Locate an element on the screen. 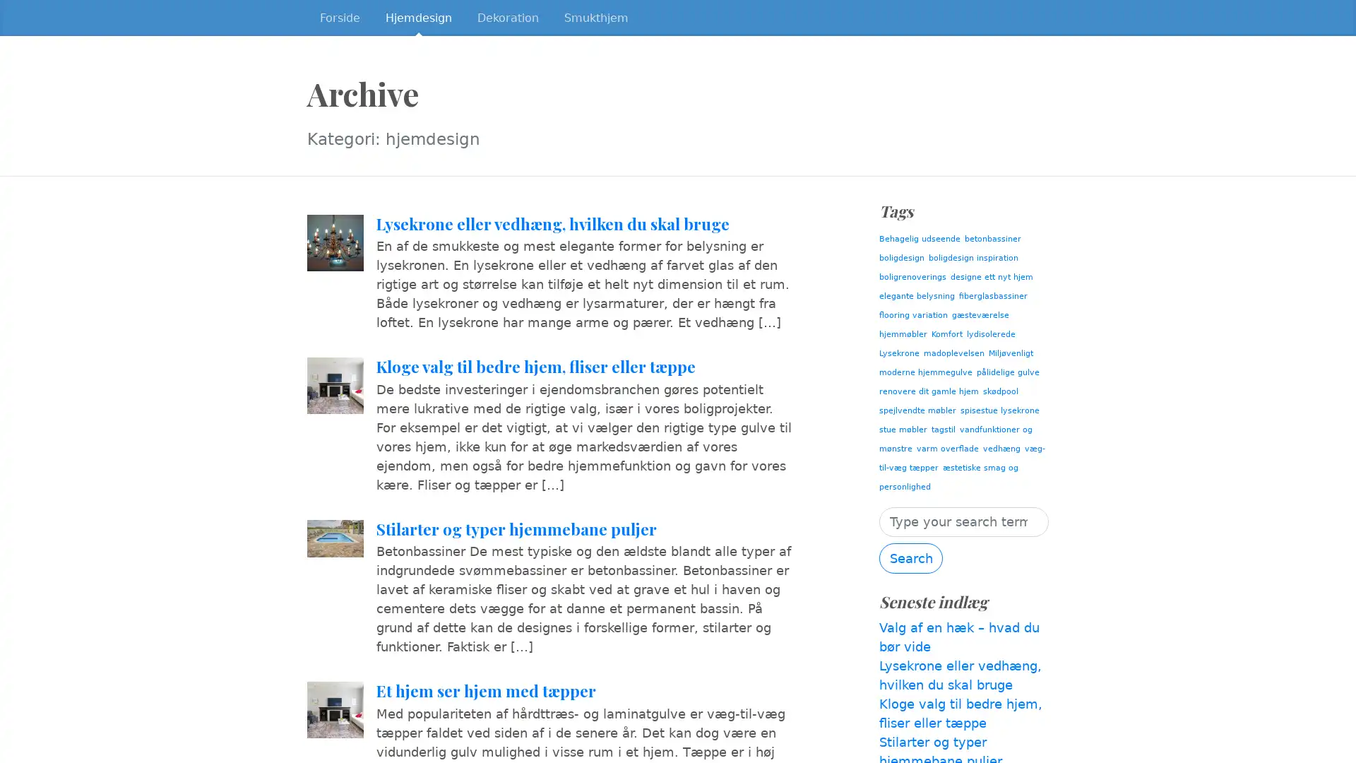 This screenshot has height=763, width=1356. Search is located at coordinates (911, 557).